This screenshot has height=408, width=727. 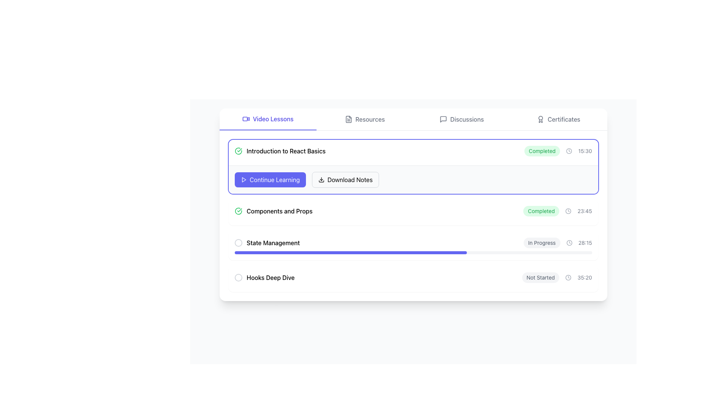 I want to click on the 'Continue Learning' button located in the 'Introduction to React Basics' section, so click(x=270, y=179).